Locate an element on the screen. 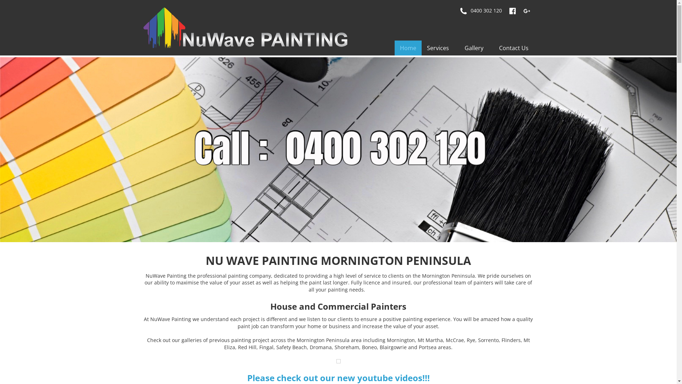 This screenshot has height=384, width=682. '0400 302 120' is located at coordinates (481, 11).